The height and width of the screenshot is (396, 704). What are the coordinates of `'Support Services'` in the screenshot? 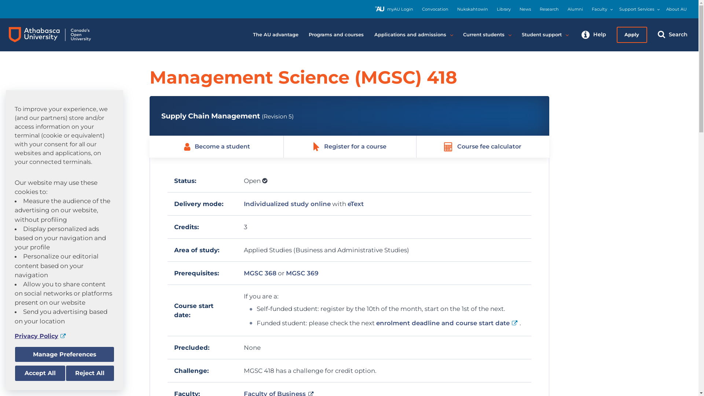 It's located at (636, 9).